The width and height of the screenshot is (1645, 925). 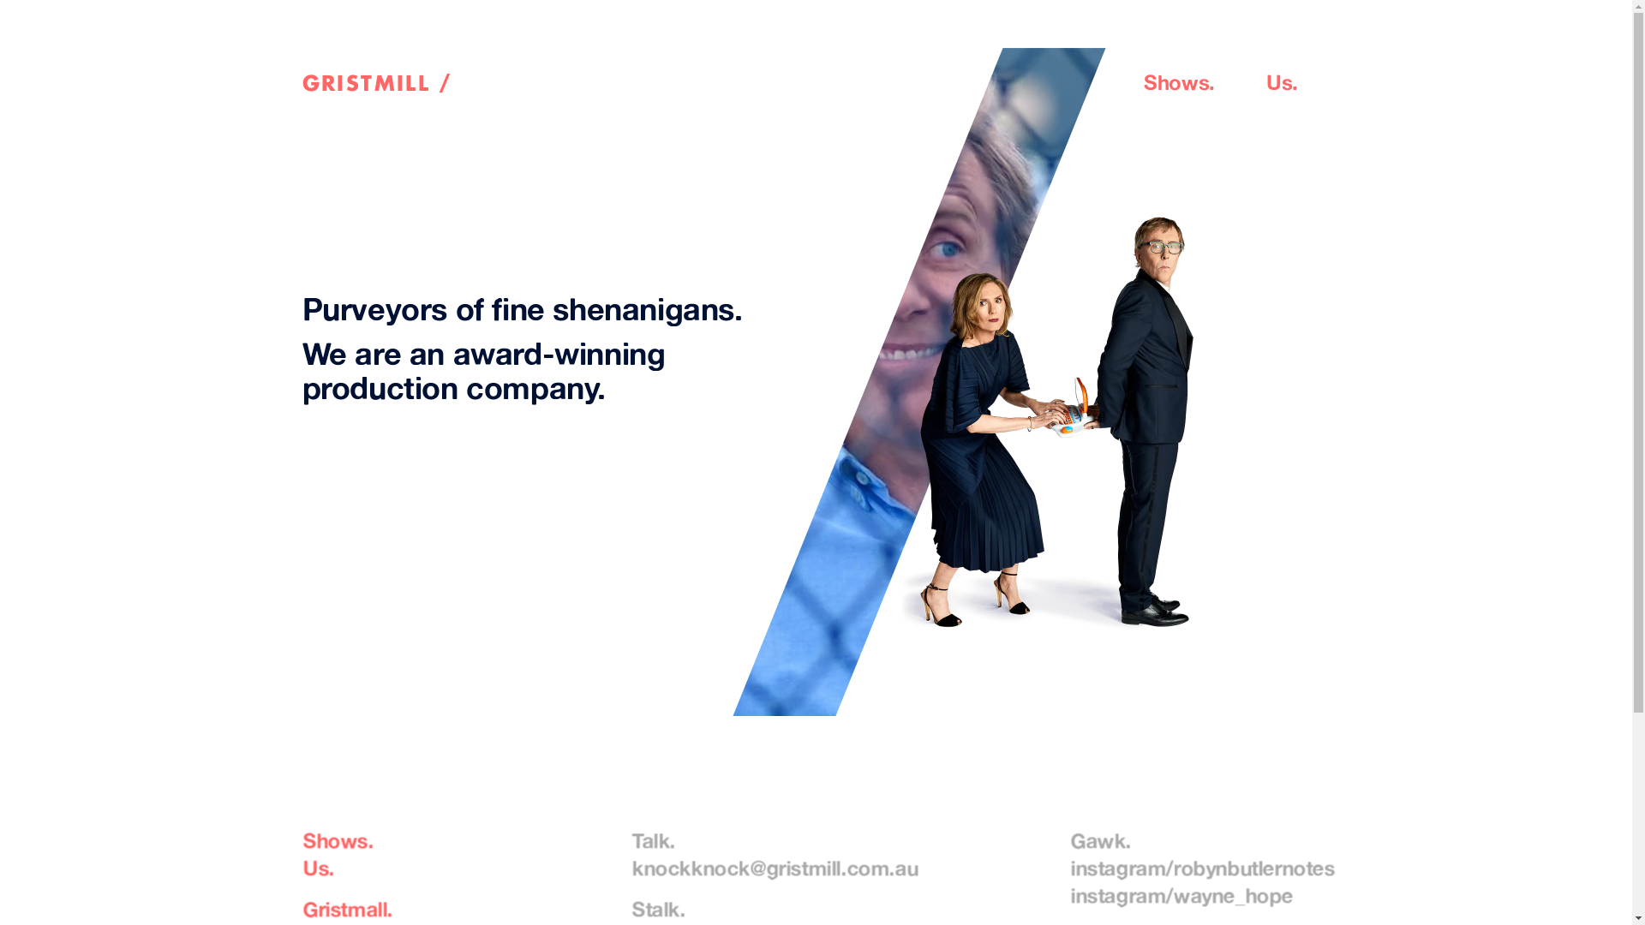 I want to click on 'instagram/wayne_hope', so click(x=1068, y=894).